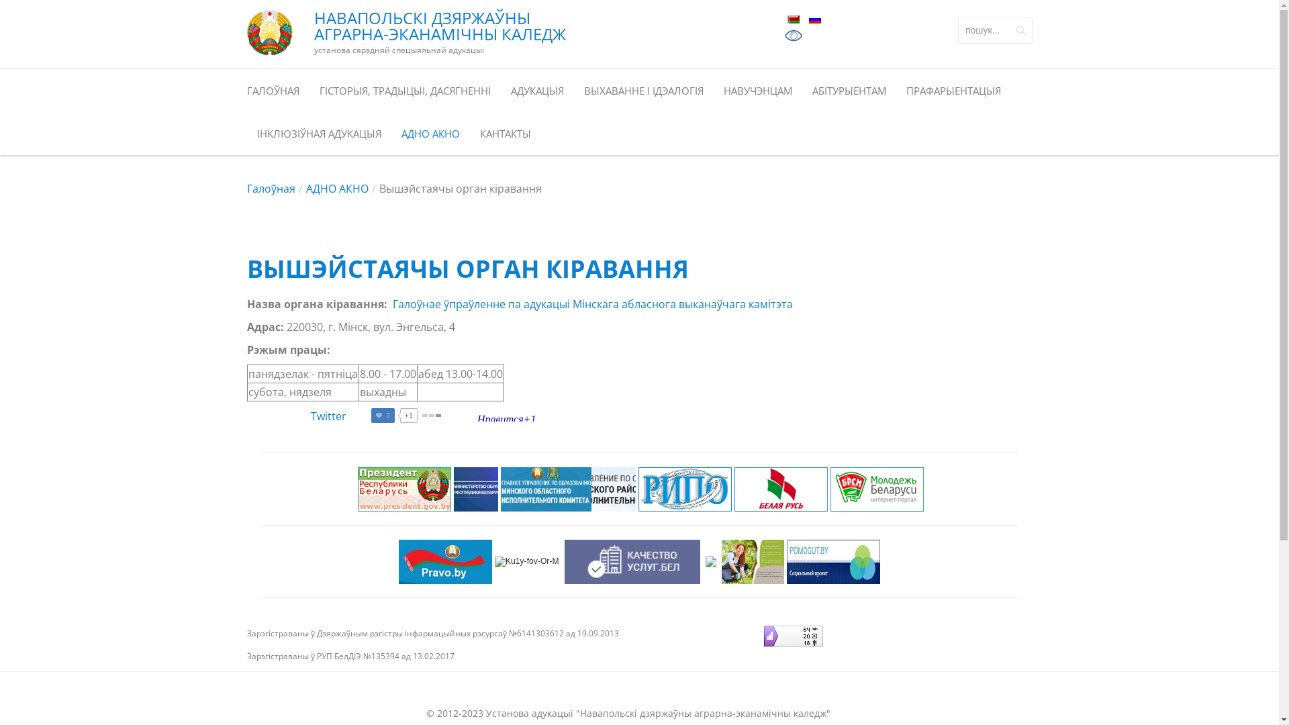  I want to click on 'Twitter', so click(328, 416).